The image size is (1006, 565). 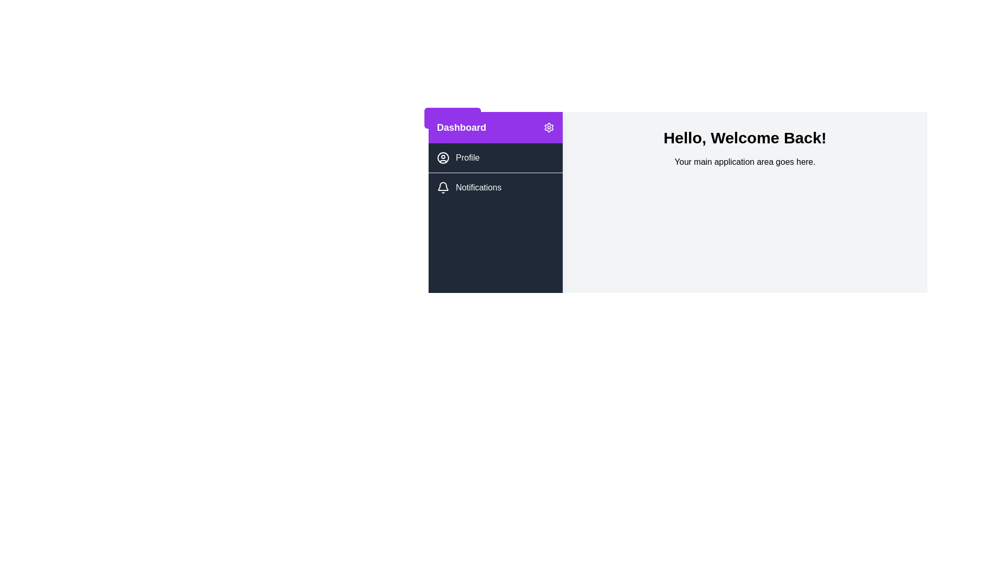 What do you see at coordinates (443, 157) in the screenshot?
I see `the larger outer circular graphical element in the user profile icon located to the left of the 'Profile' label in the sidebar menu` at bounding box center [443, 157].